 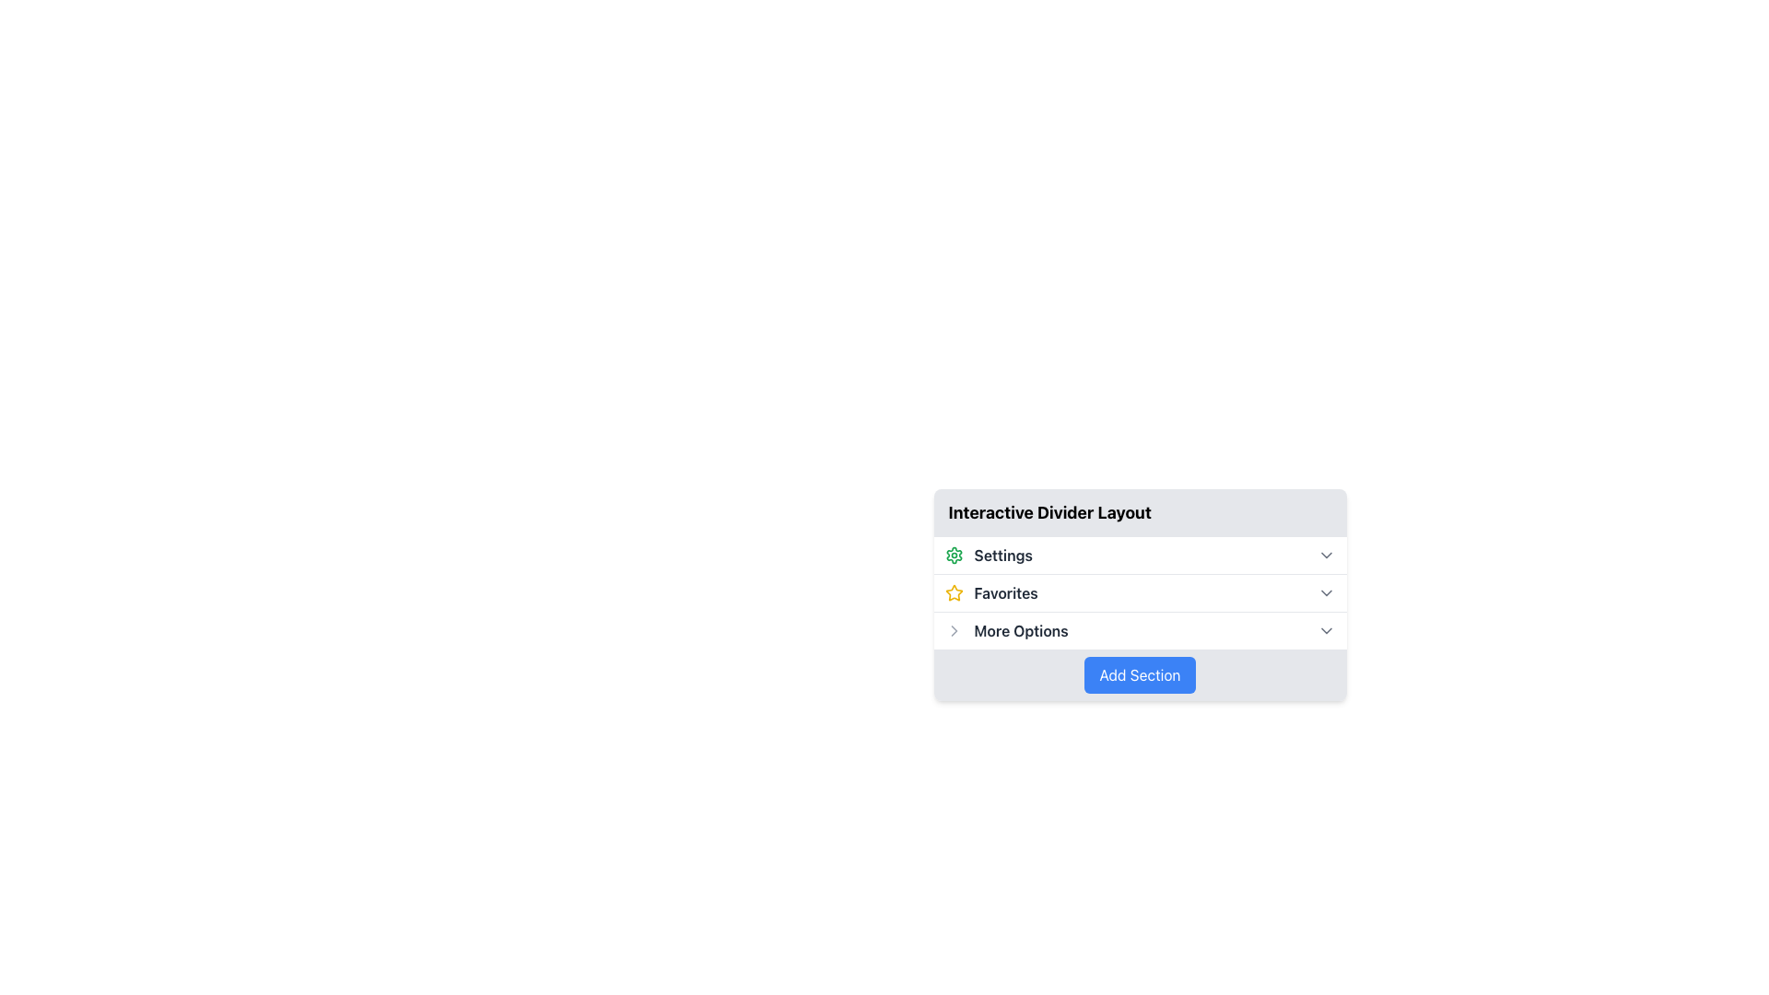 What do you see at coordinates (1002, 554) in the screenshot?
I see `the 'Settings' textual label, which is styled in bold, dark gray font and is located next to a gear icon in a horizontal row at the top of a vertical list` at bounding box center [1002, 554].